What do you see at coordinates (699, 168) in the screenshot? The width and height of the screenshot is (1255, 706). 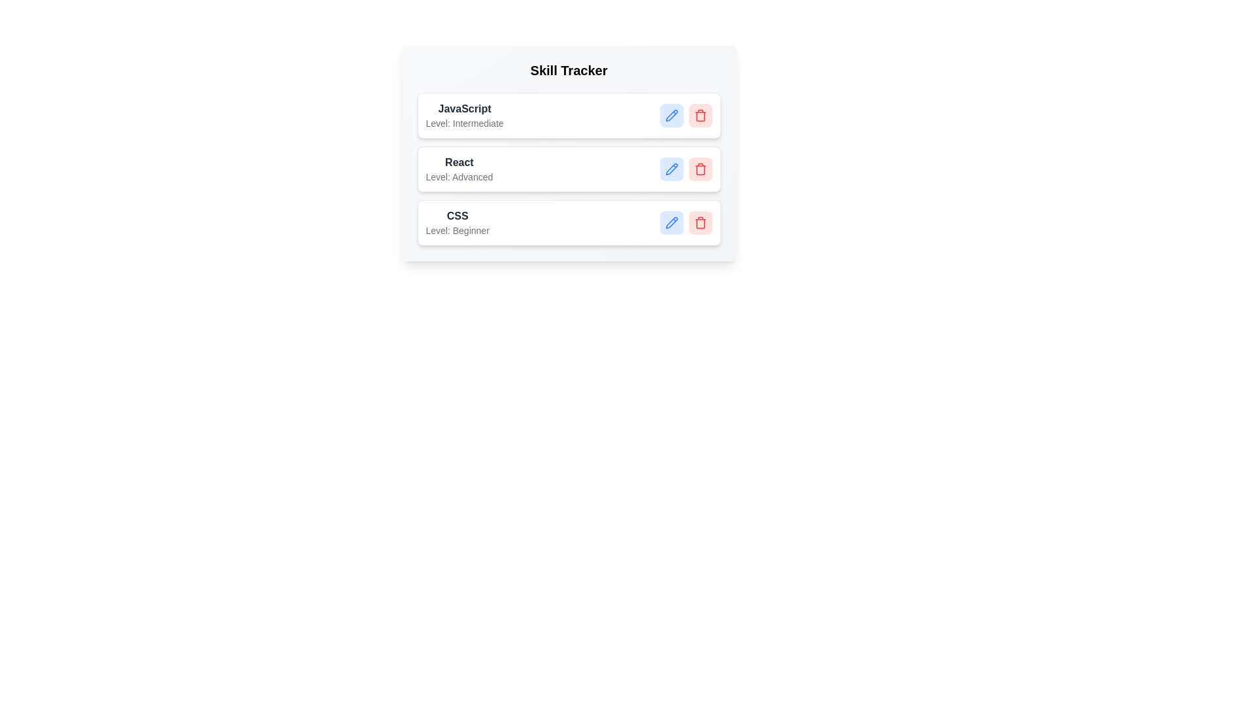 I see `delete button for the skill React` at bounding box center [699, 168].